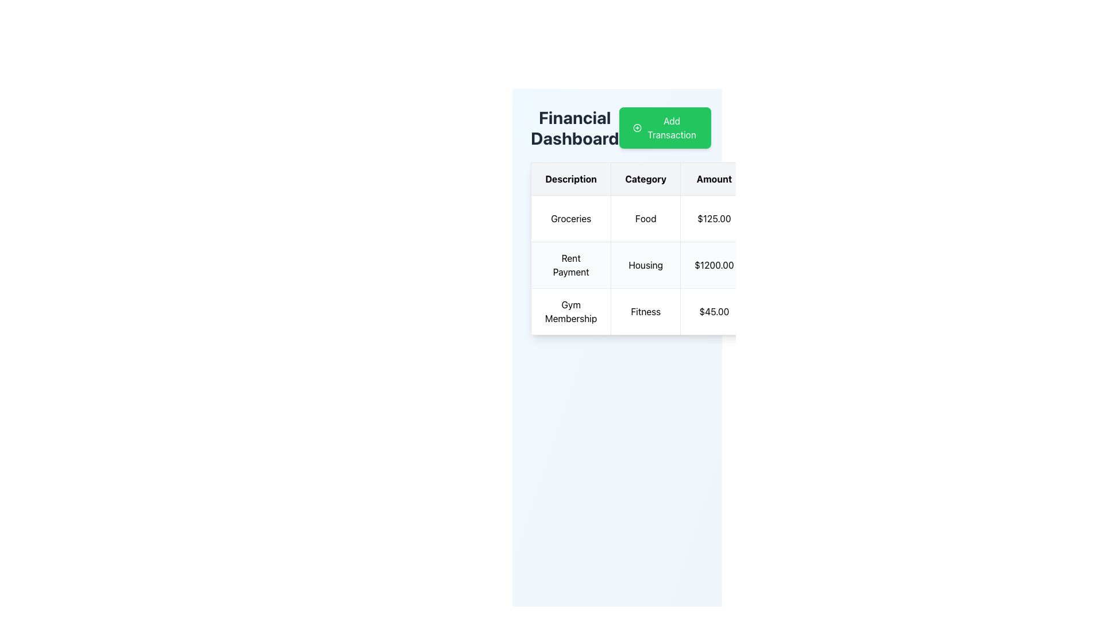 The image size is (1103, 620). What do you see at coordinates (571, 179) in the screenshot?
I see `the 'Description' text label, which is the first header in a table, rendered in bold black font on a light gray background` at bounding box center [571, 179].